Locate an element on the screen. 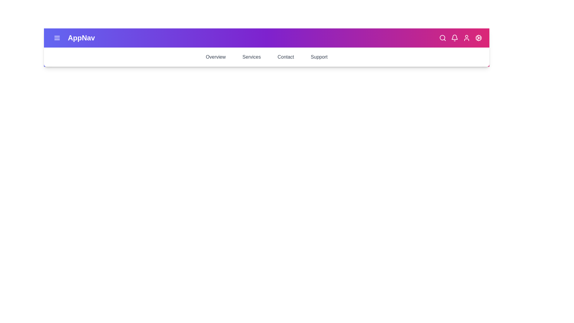 The image size is (574, 323). the 'Overview' menu item to navigate to the overview section is located at coordinates (215, 57).